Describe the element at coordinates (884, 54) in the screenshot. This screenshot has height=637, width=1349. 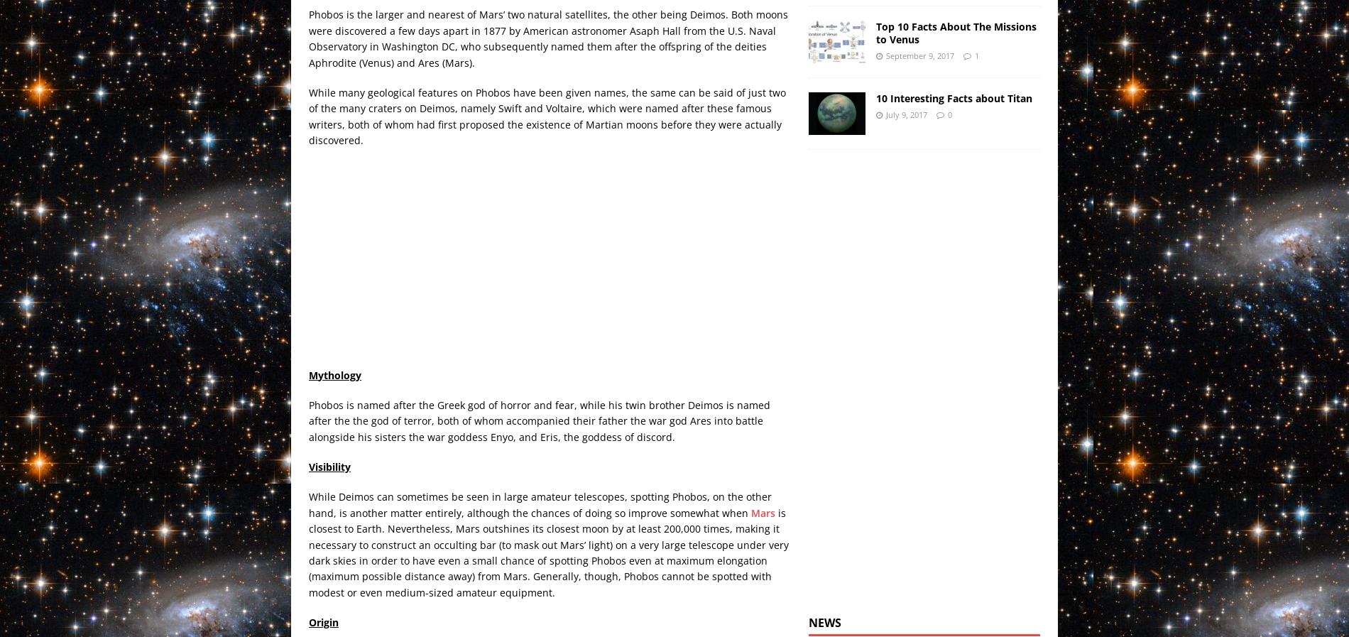
I see `'September 9, 2017'` at that location.